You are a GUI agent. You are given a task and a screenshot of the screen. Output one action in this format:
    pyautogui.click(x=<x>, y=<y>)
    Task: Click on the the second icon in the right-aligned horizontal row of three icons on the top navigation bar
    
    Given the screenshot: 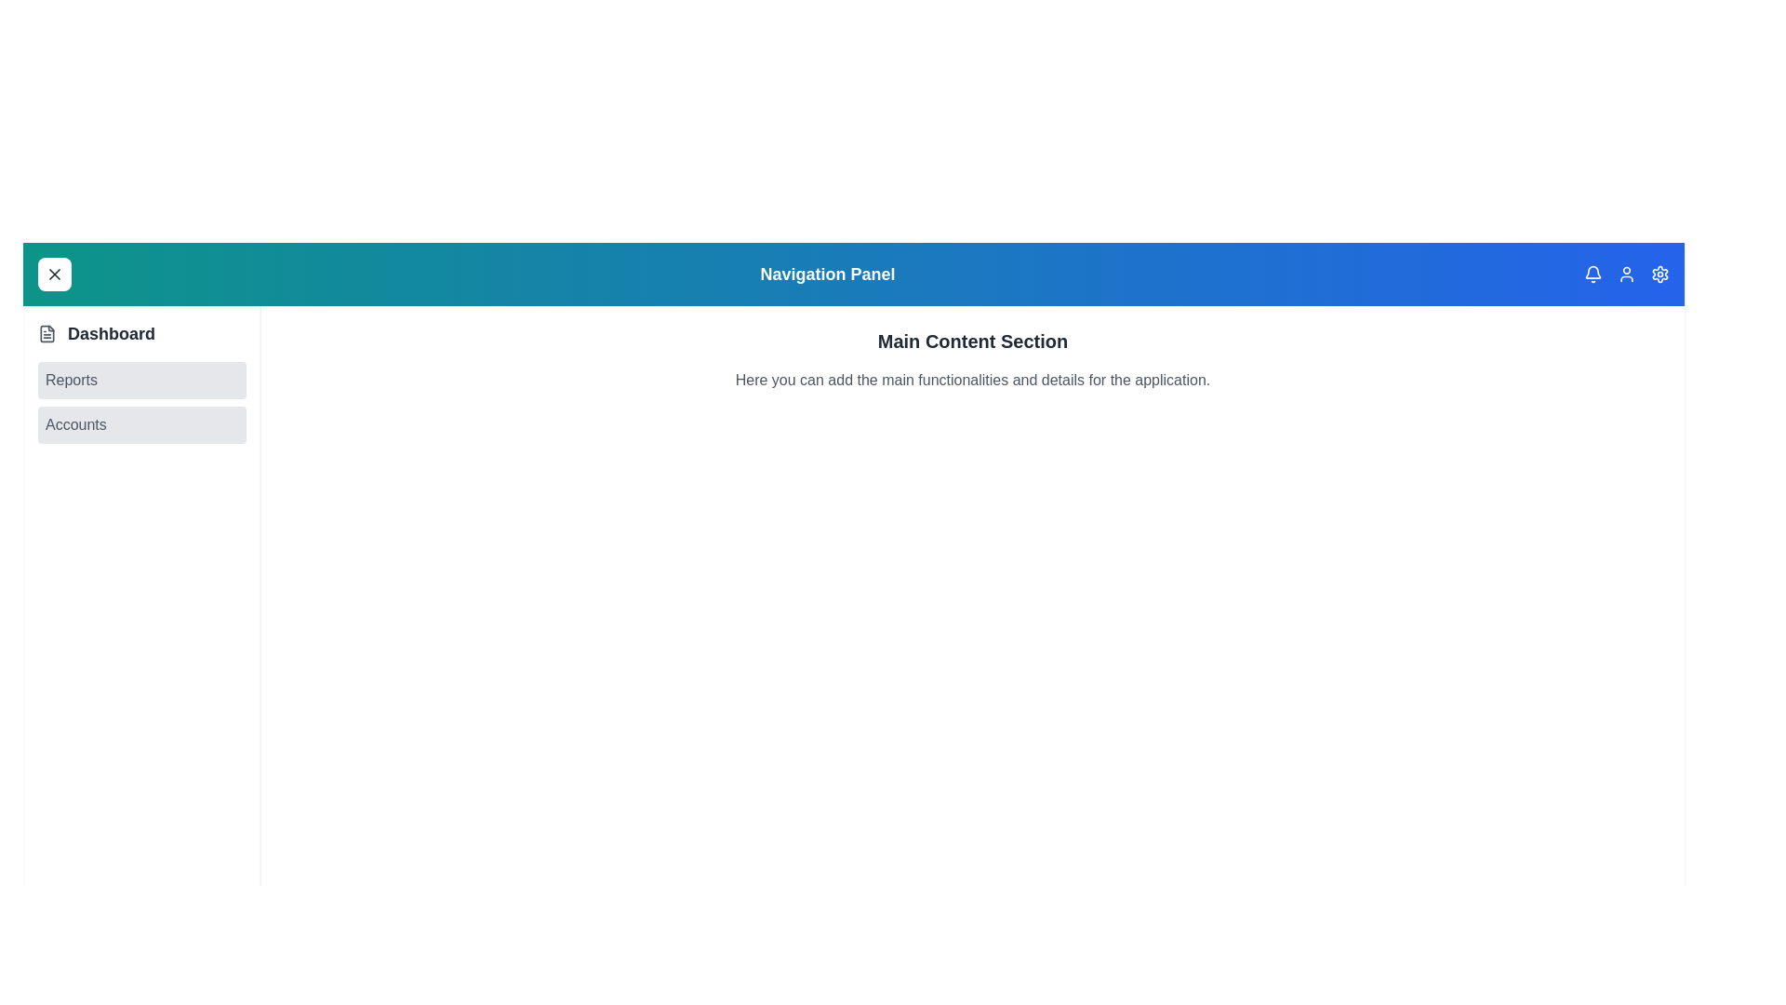 What is the action you would take?
    pyautogui.click(x=1625, y=274)
    